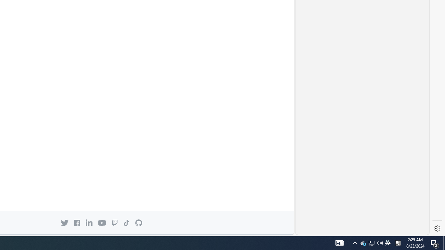  Describe the element at coordinates (115, 223) in the screenshot. I see `'GitHub on Twitch'` at that location.